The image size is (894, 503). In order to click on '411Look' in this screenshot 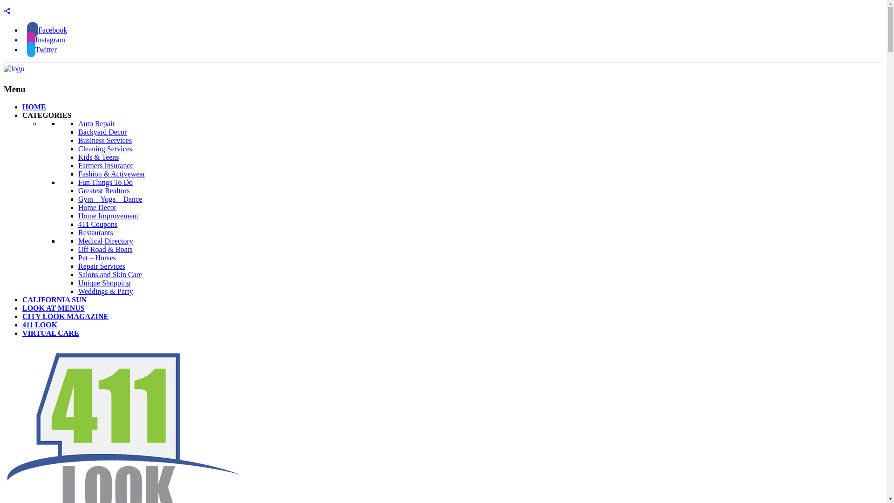, I will do `click(4, 68)`.